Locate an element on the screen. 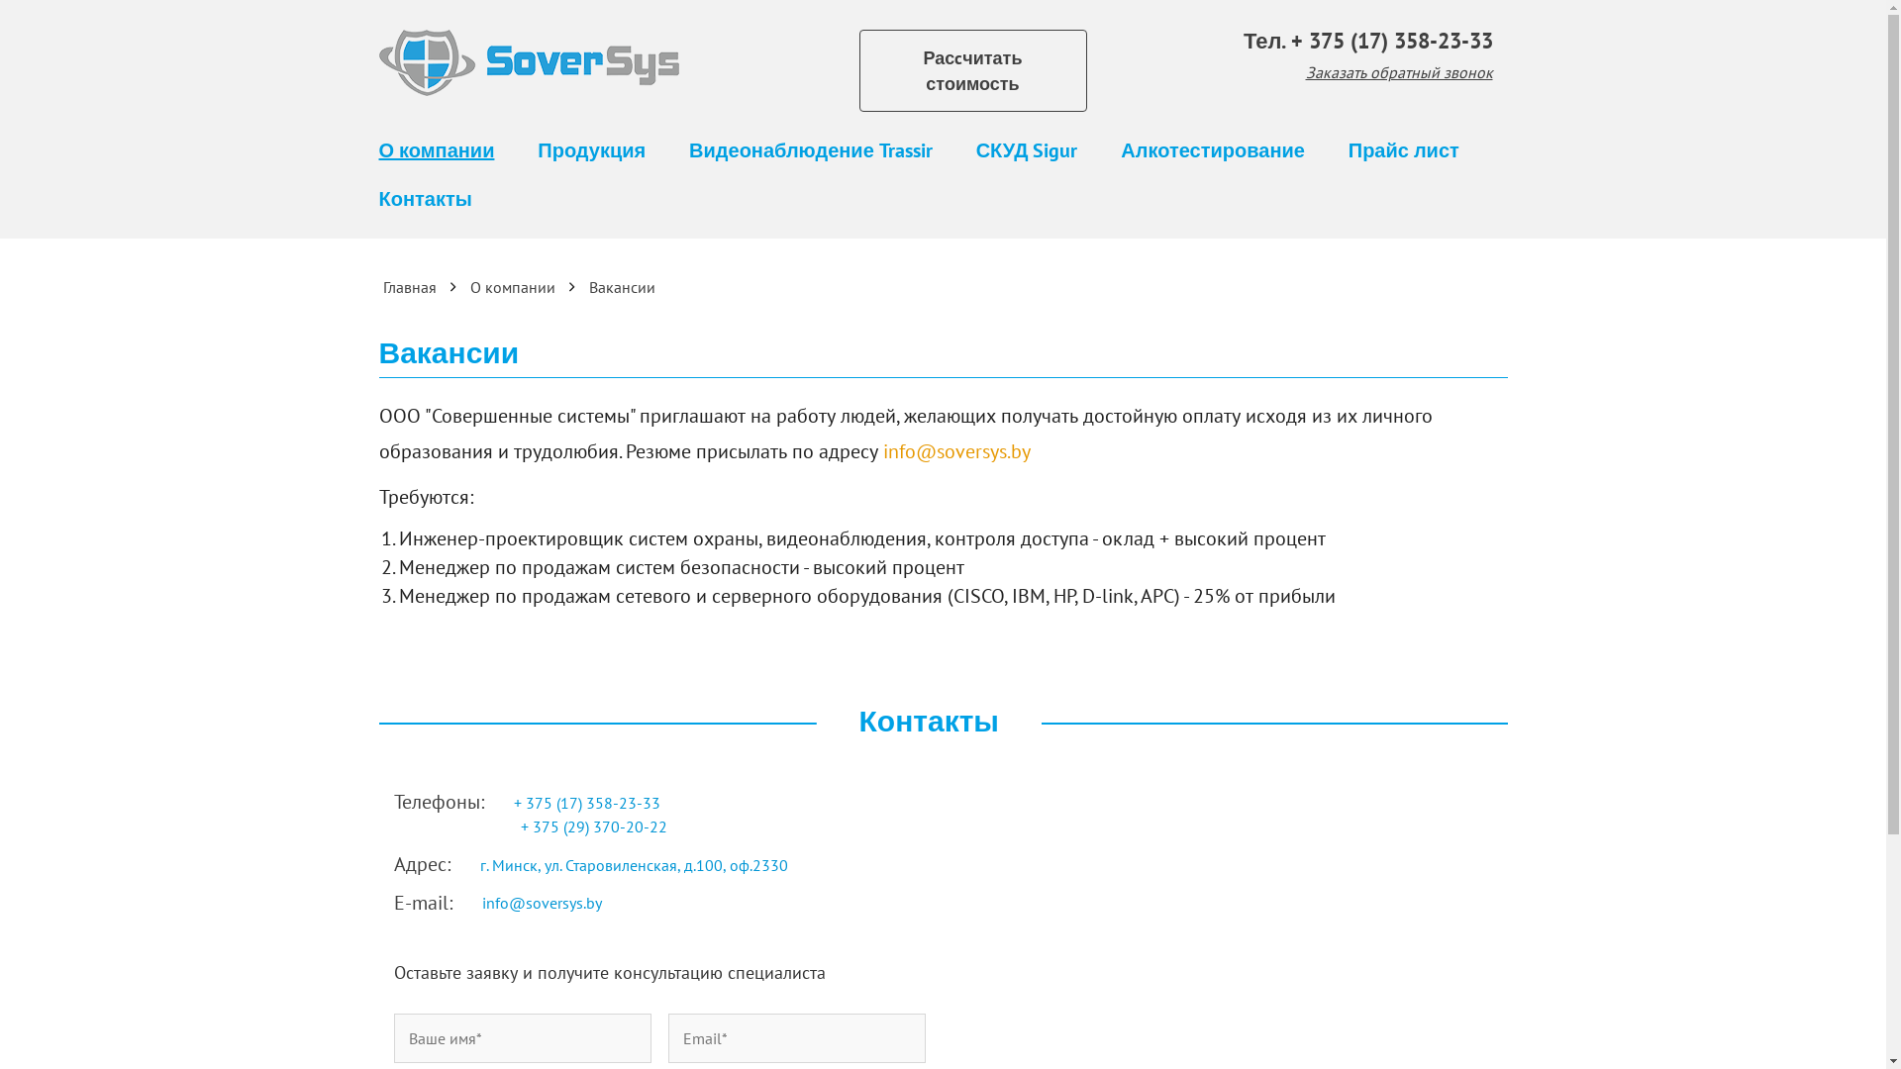  '+ 375 (17) 358-23-33' is located at coordinates (587, 802).